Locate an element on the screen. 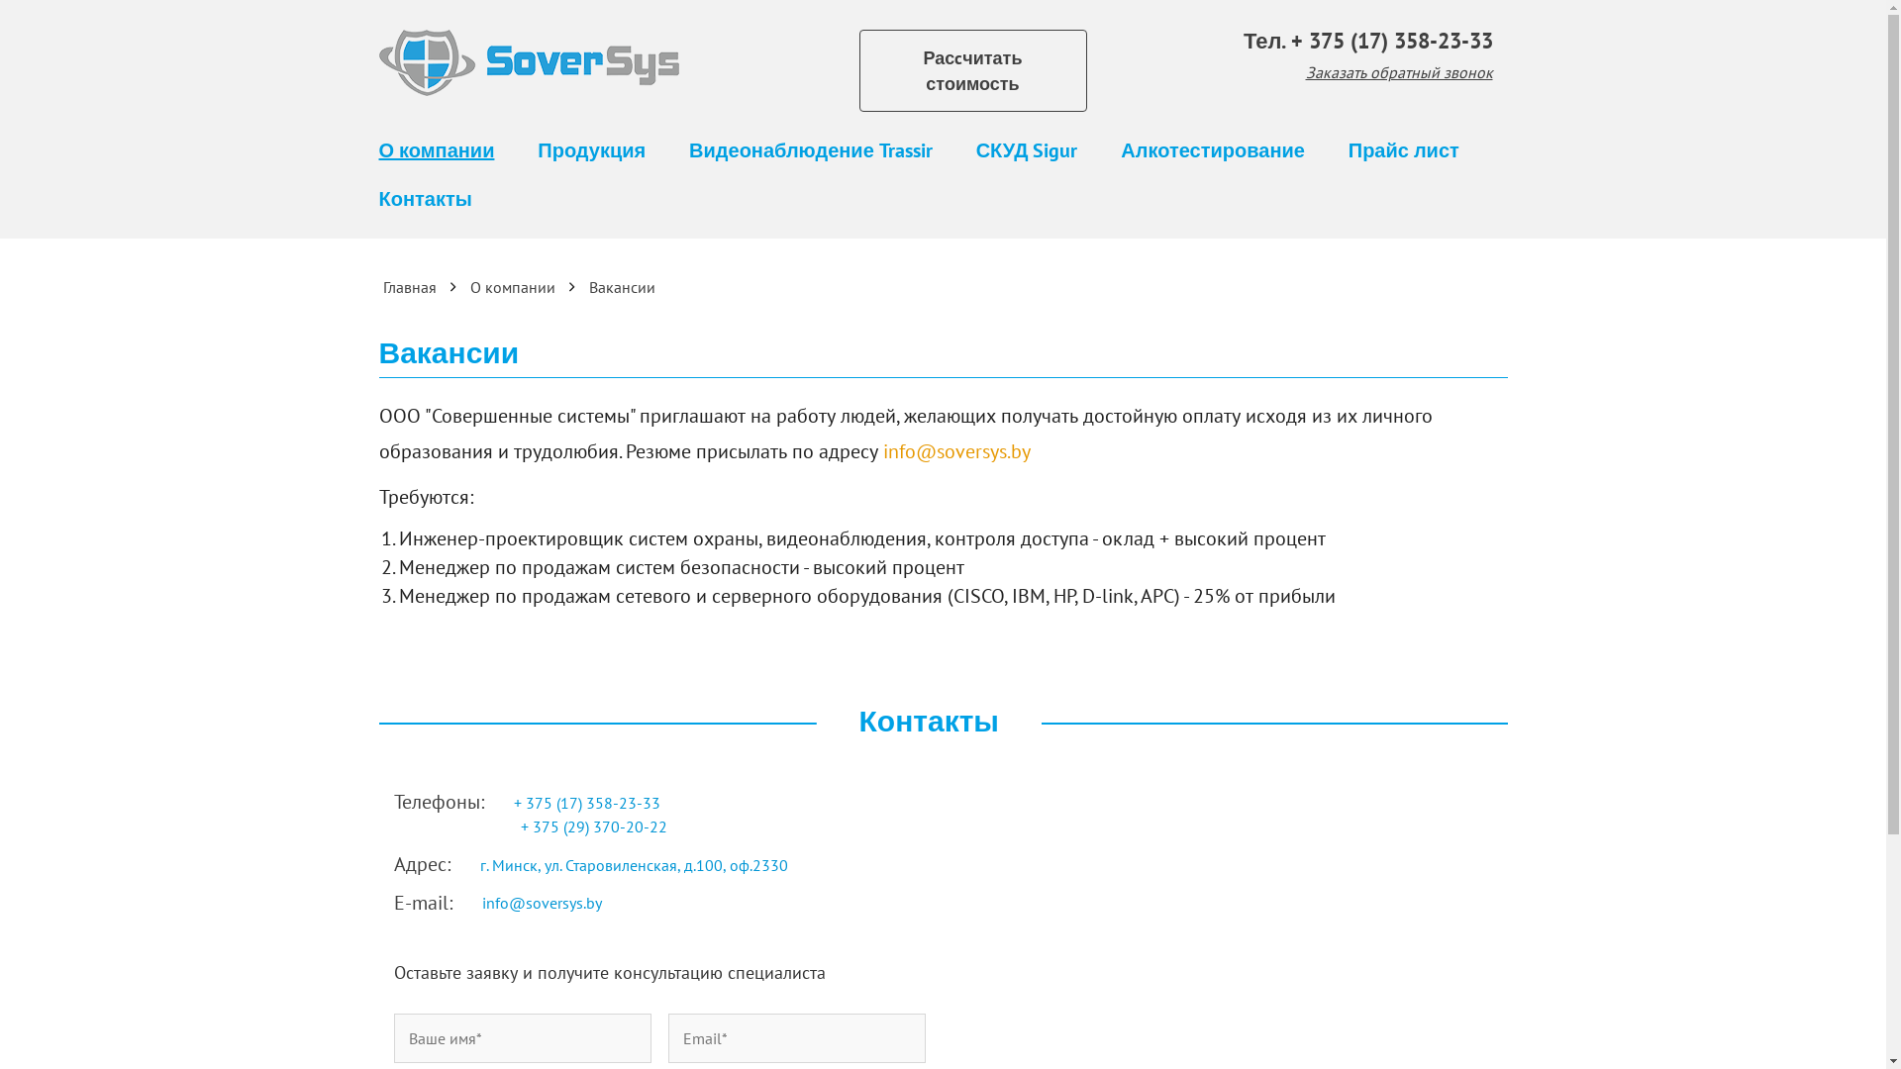  '+ 375 (17) 358-23-33' is located at coordinates (587, 802).